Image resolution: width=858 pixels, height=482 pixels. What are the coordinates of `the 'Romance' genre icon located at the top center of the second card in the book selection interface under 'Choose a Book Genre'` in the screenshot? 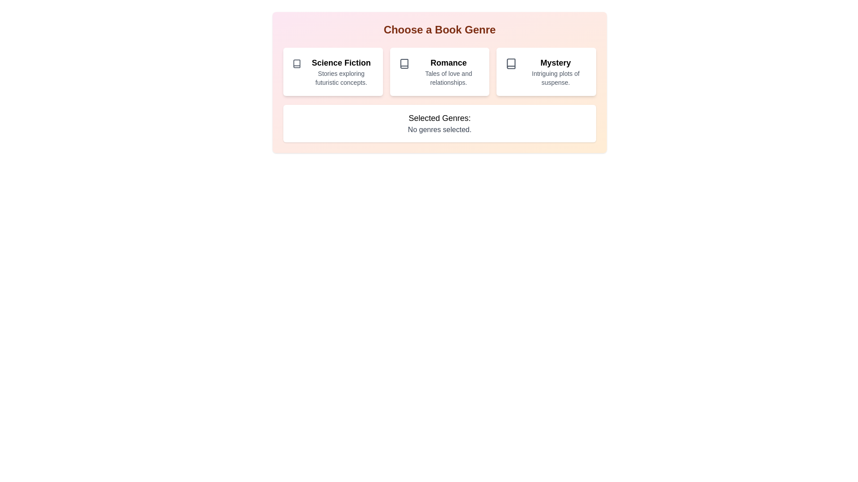 It's located at (404, 63).